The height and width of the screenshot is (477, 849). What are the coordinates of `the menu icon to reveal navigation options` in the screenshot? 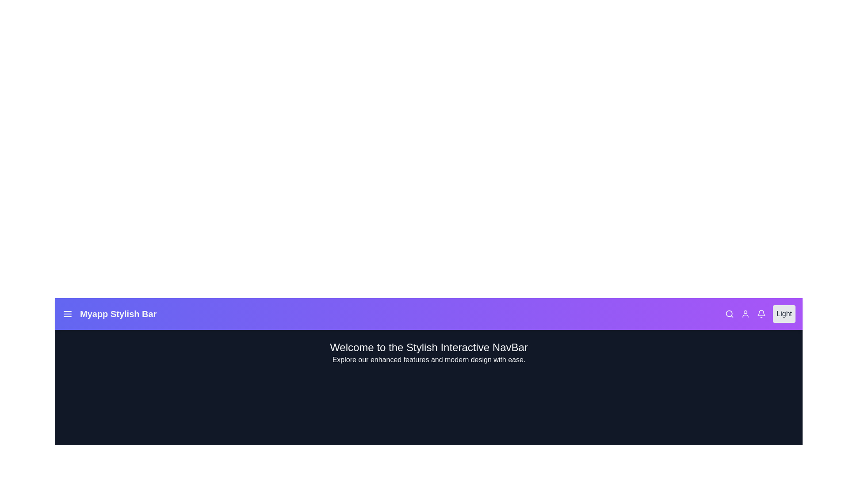 It's located at (67, 313).